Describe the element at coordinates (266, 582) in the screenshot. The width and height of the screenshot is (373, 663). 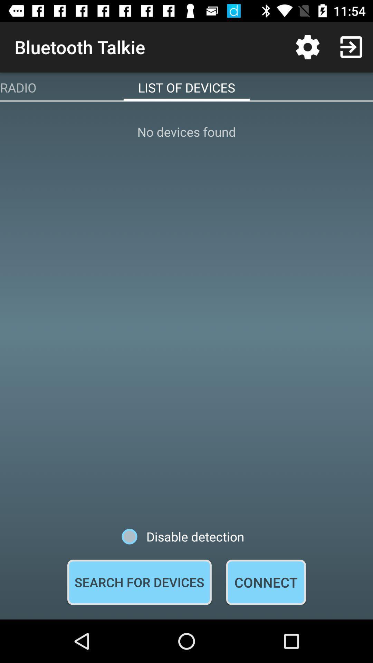
I see `the connect` at that location.